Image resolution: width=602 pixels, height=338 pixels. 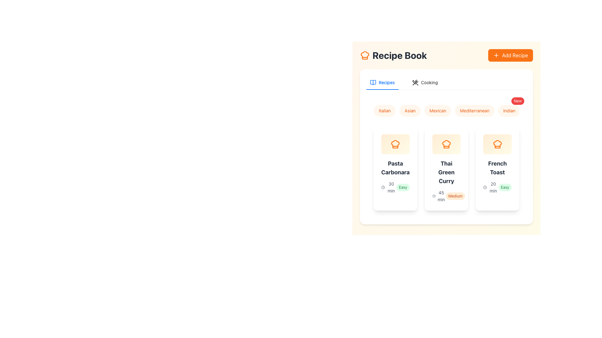 I want to click on the chef hat icon with an orange outline and a white interior, which is located to the left of the text 'Recipe Book', so click(x=365, y=55).